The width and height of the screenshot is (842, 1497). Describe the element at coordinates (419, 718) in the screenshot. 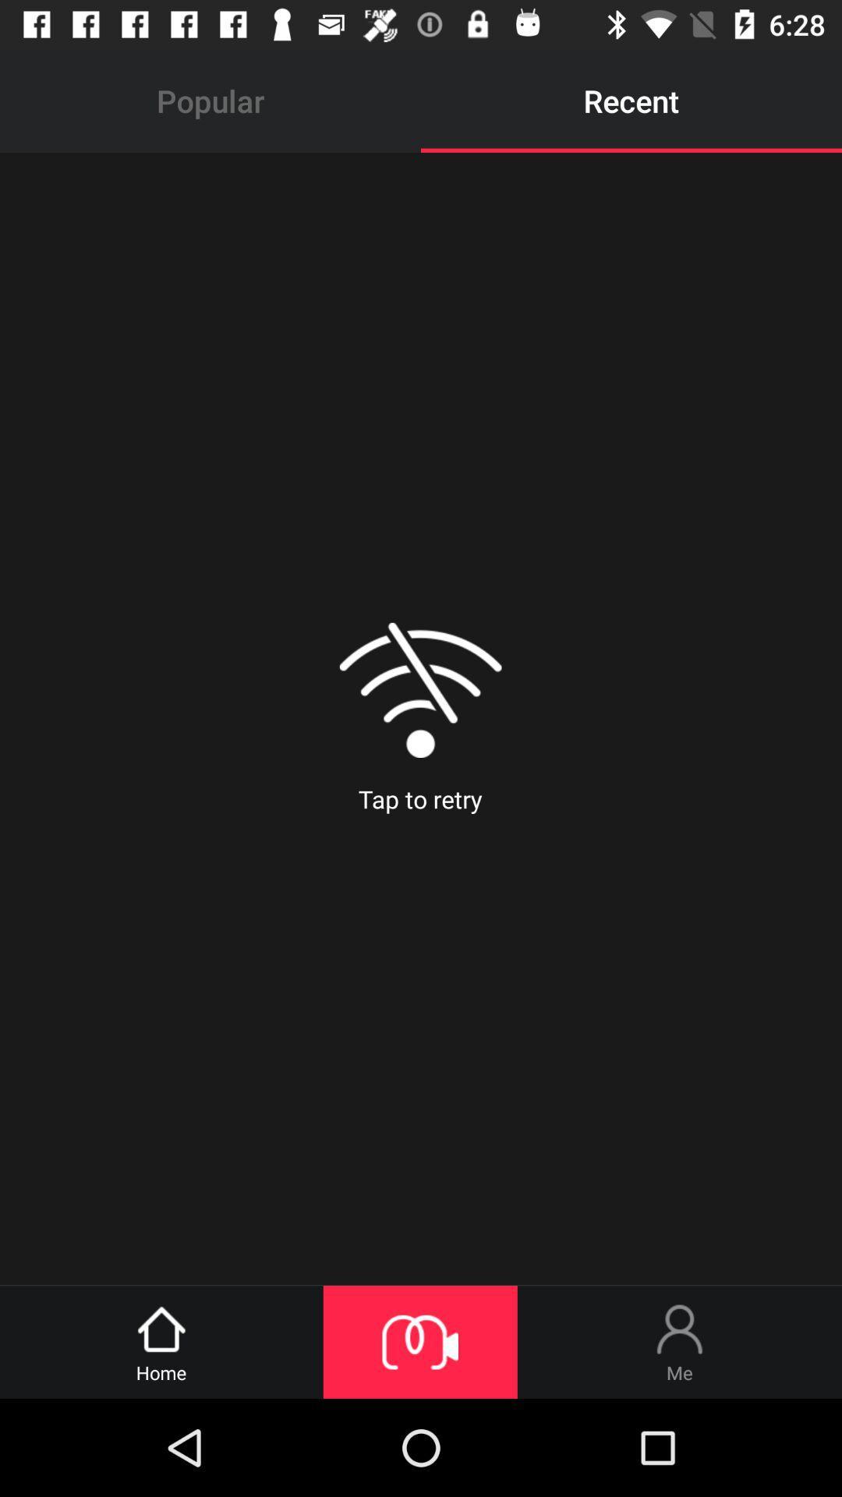

I see `tap to retry` at that location.